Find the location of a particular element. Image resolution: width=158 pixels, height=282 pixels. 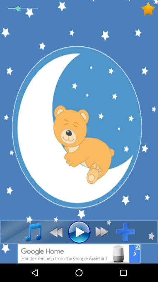

to favourite is located at coordinates (149, 8).